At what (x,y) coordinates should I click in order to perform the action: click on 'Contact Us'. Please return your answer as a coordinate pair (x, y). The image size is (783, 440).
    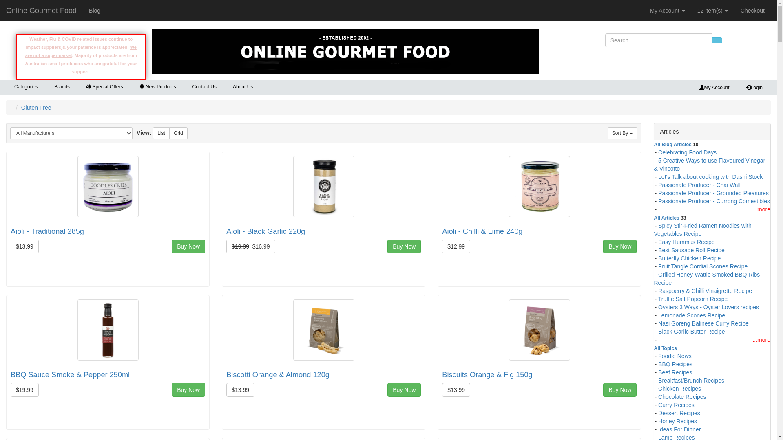
    Looking at the image, I should click on (184, 87).